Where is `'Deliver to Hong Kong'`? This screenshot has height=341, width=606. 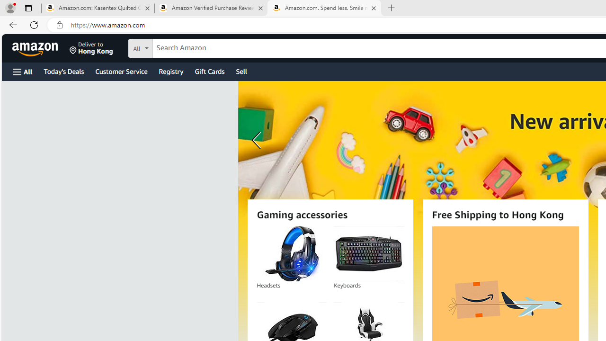
'Deliver to Hong Kong' is located at coordinates (91, 48).